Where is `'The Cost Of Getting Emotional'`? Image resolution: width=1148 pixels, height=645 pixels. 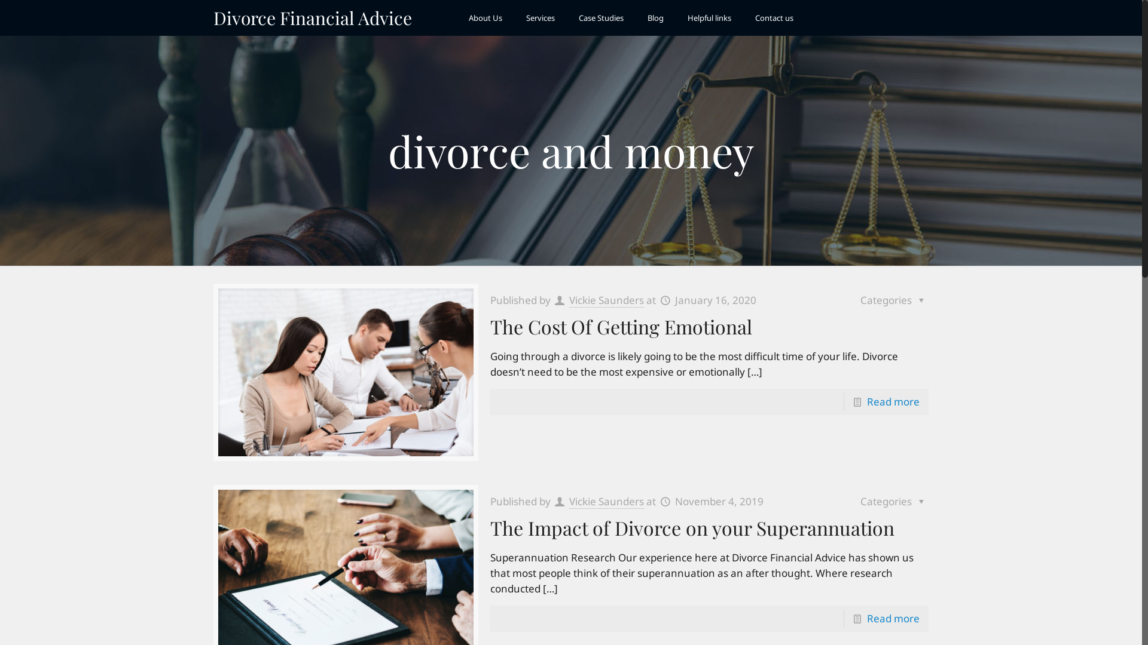
'The Cost Of Getting Emotional' is located at coordinates (490, 326).